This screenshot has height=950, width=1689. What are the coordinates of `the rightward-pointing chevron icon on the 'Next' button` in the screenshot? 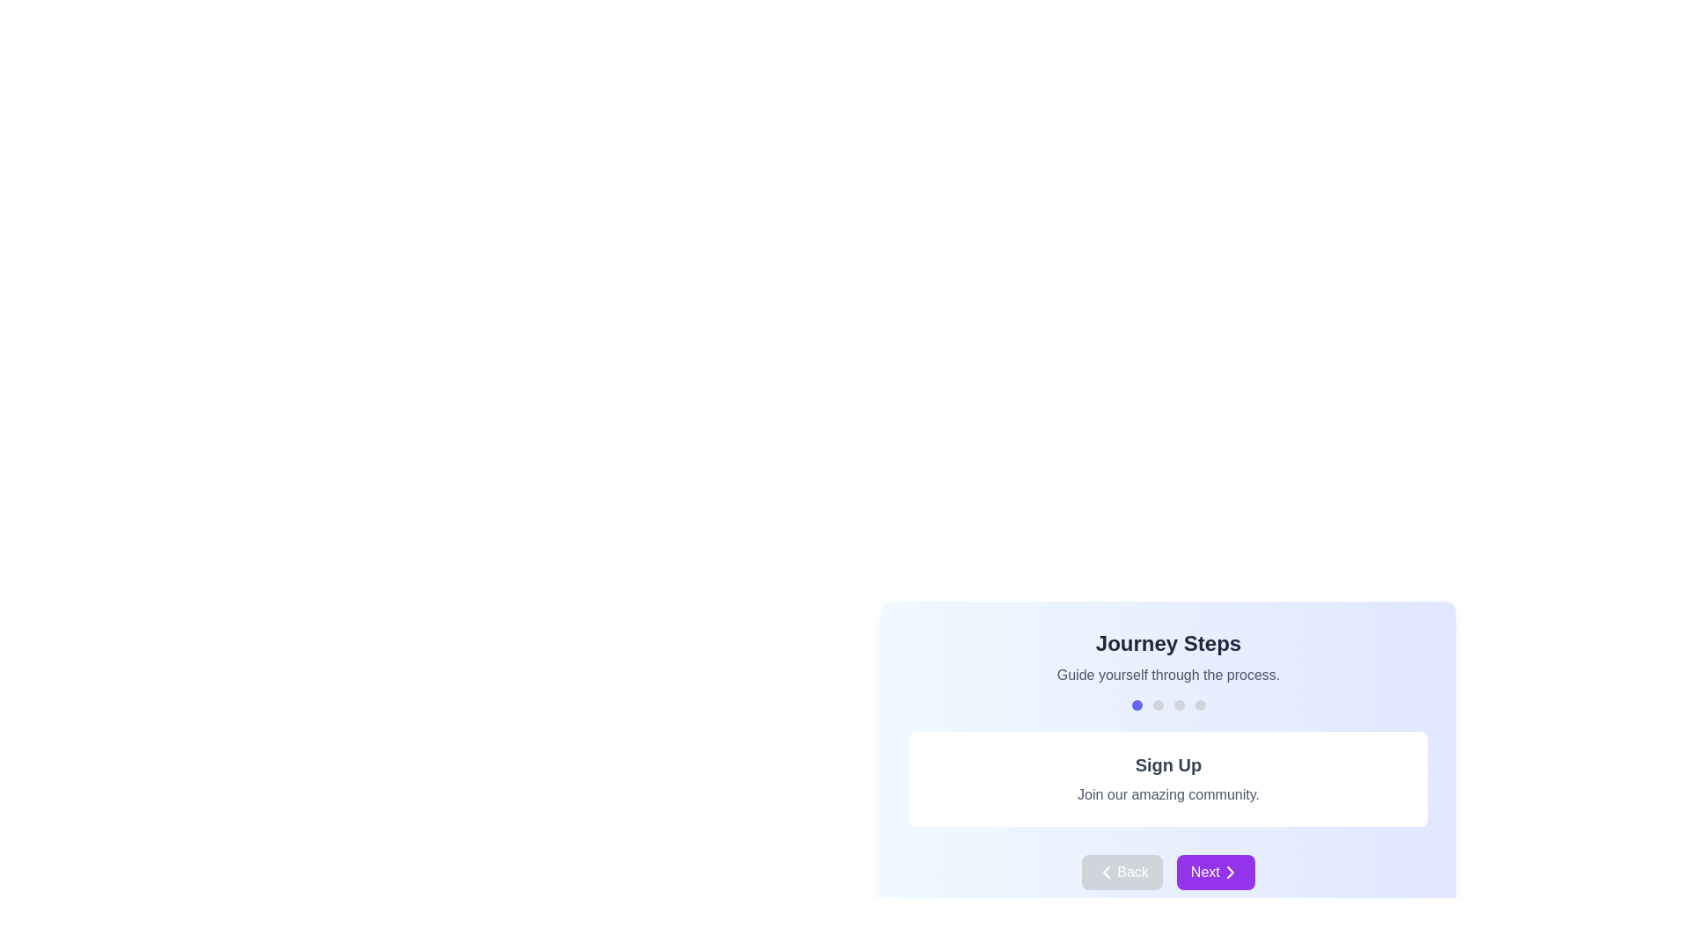 It's located at (1229, 872).